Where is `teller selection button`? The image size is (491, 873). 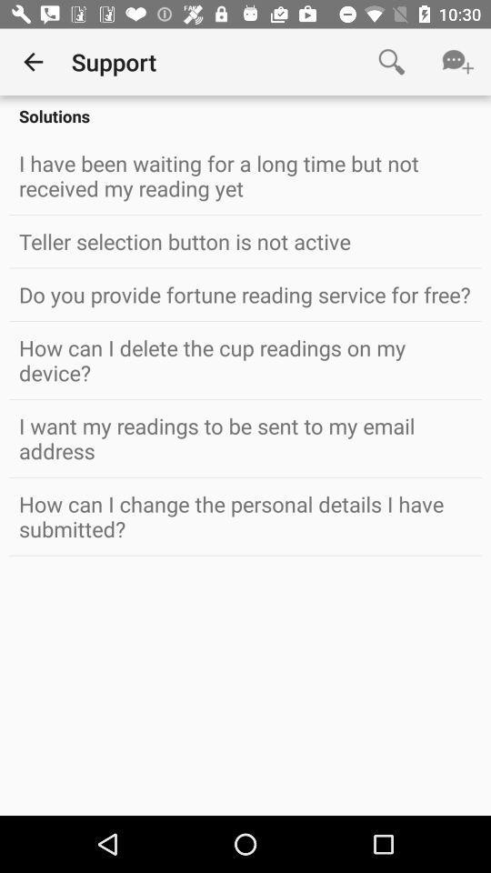
teller selection button is located at coordinates (245, 240).